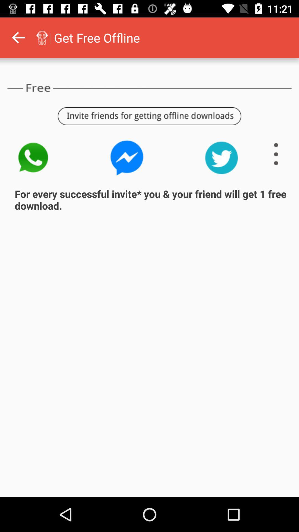 The width and height of the screenshot is (299, 532). I want to click on invite friends through the messenger app, so click(127, 157).